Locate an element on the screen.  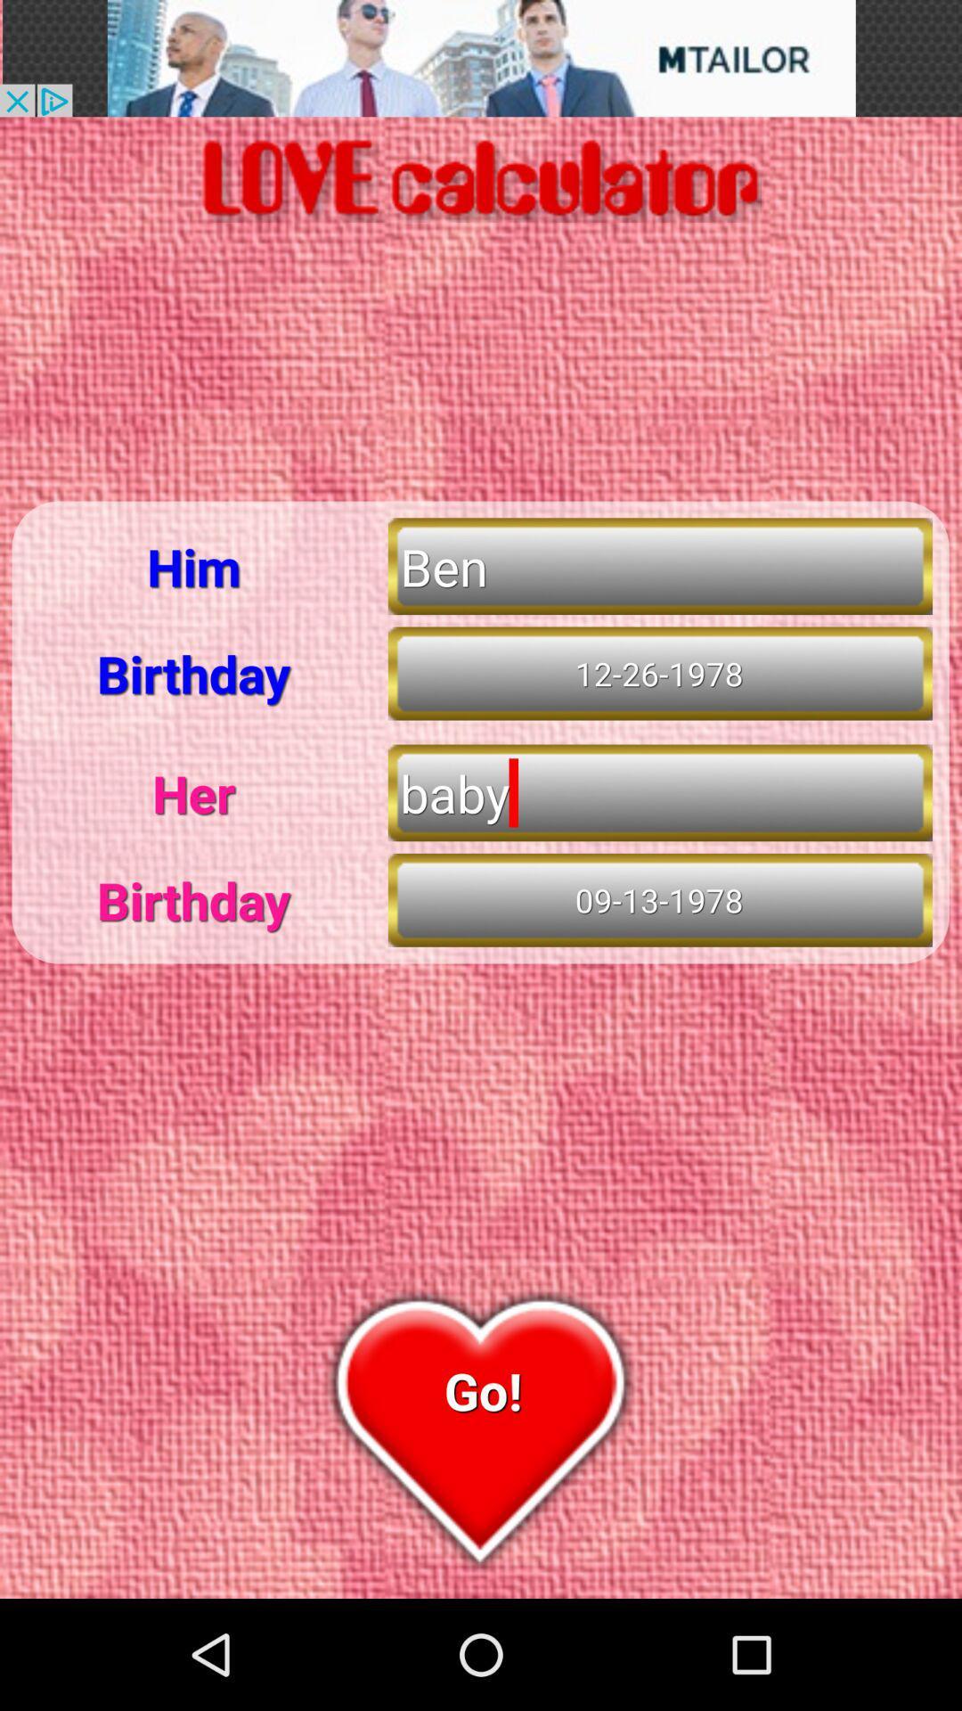
top the page box is located at coordinates (481, 58).